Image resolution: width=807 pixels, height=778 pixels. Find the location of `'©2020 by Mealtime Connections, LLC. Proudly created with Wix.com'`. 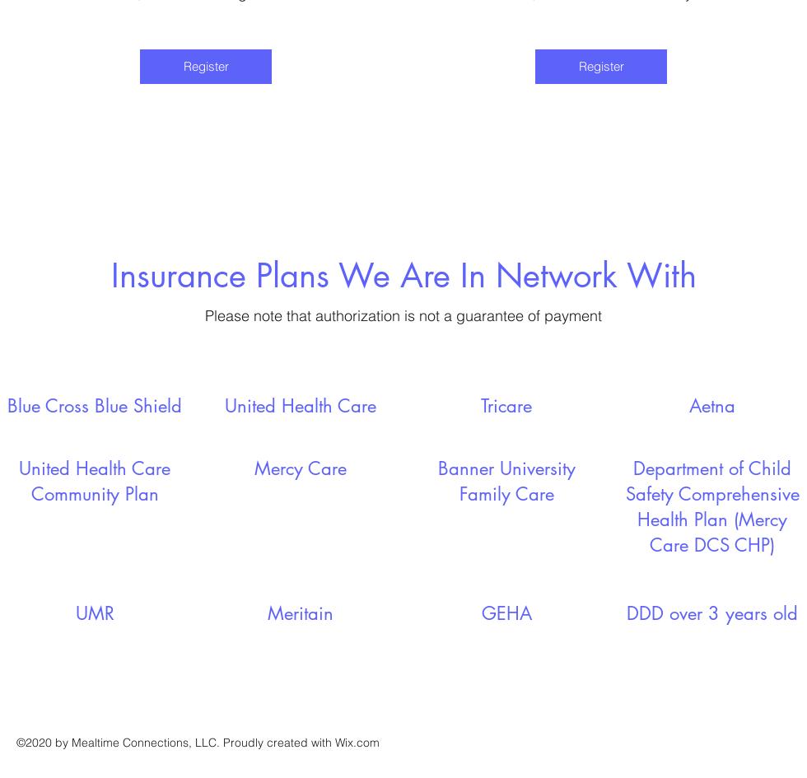

'©2020 by Mealtime Connections, LLC. Proudly created with Wix.com' is located at coordinates (198, 740).